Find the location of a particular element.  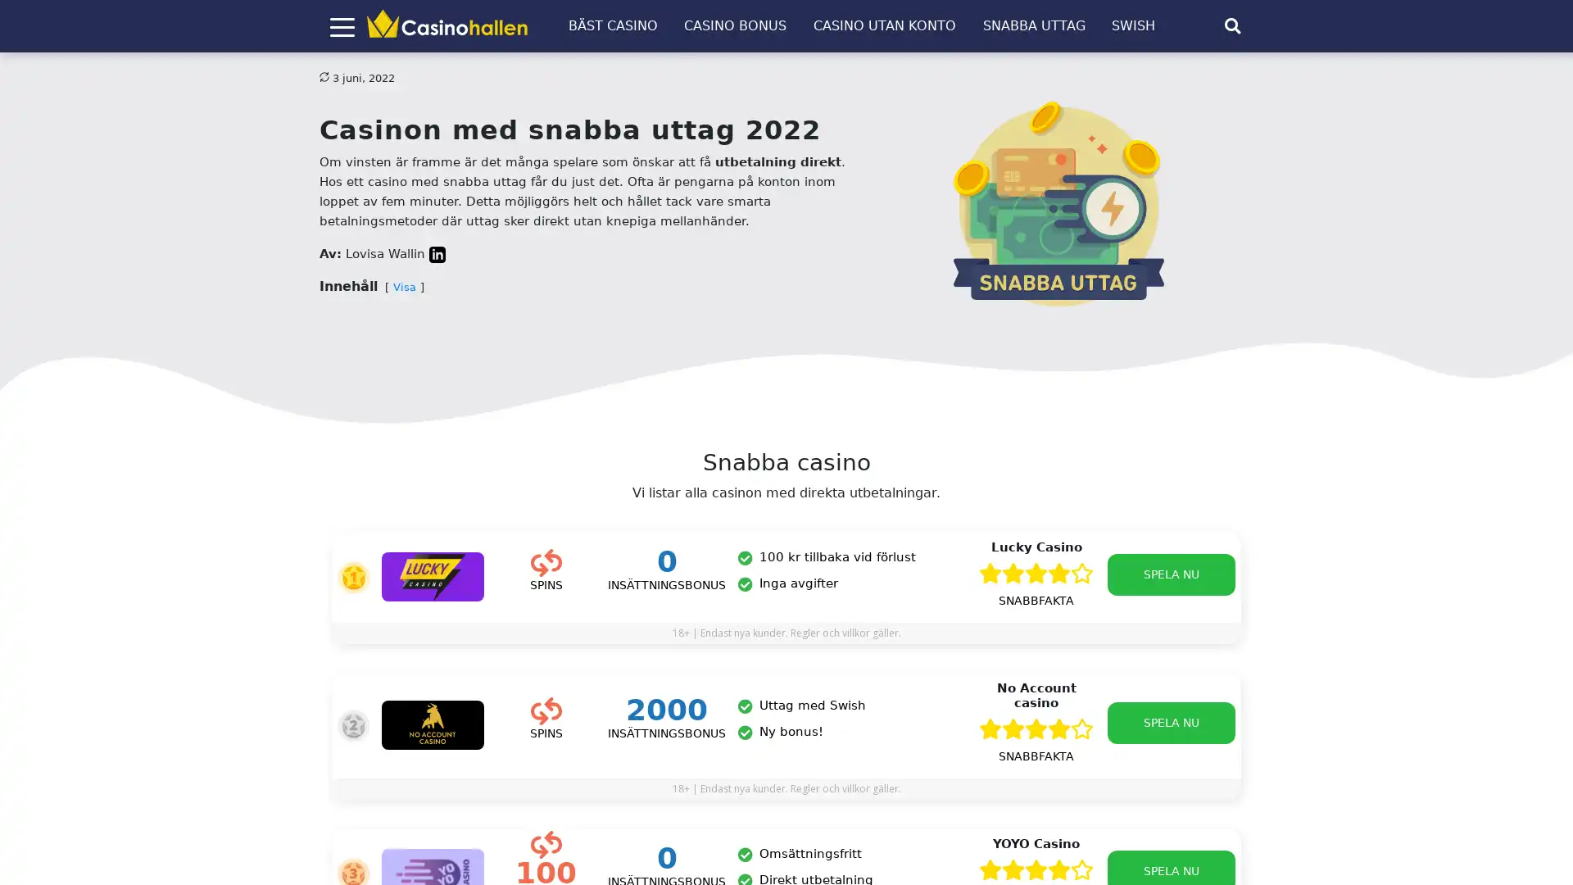

RECENSION is located at coordinates (1013, 793).